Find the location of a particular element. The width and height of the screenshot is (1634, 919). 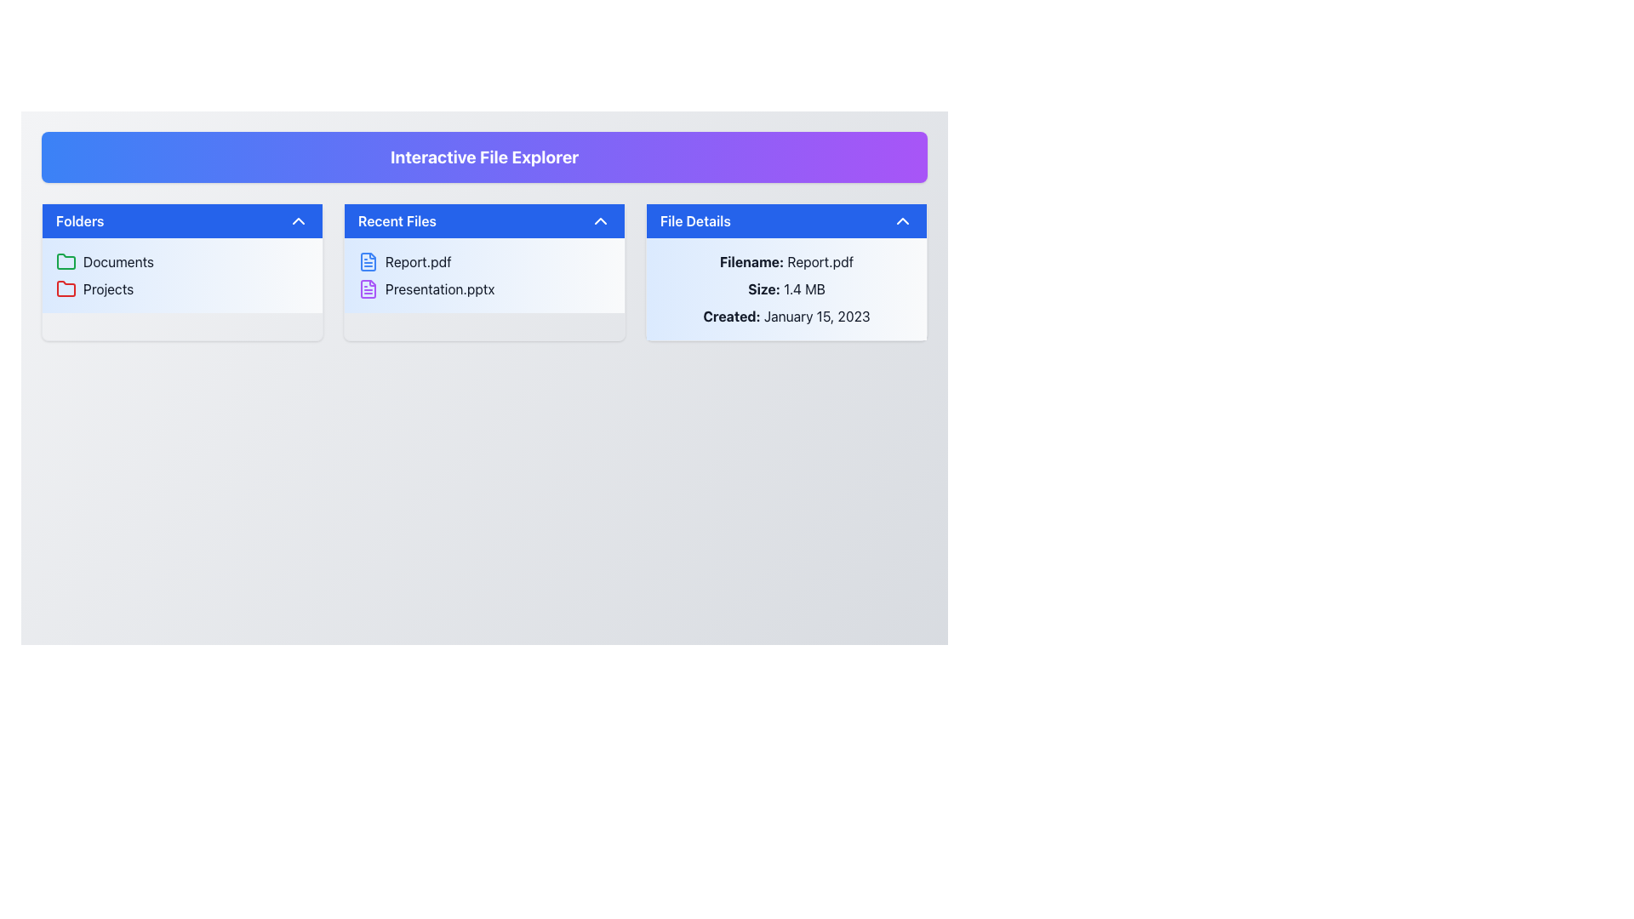

the file item display for 'Report.pdf' in the 'Recent Files' section by clicking on it is located at coordinates (483, 262).